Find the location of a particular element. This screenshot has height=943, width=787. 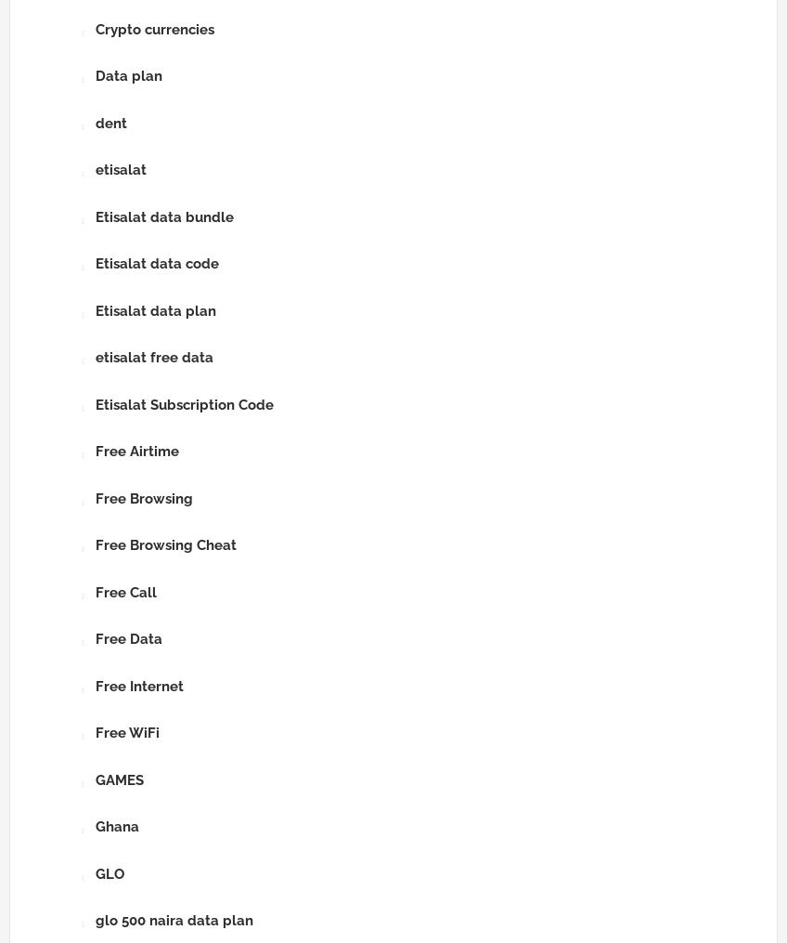

'GAMES' is located at coordinates (96, 779).